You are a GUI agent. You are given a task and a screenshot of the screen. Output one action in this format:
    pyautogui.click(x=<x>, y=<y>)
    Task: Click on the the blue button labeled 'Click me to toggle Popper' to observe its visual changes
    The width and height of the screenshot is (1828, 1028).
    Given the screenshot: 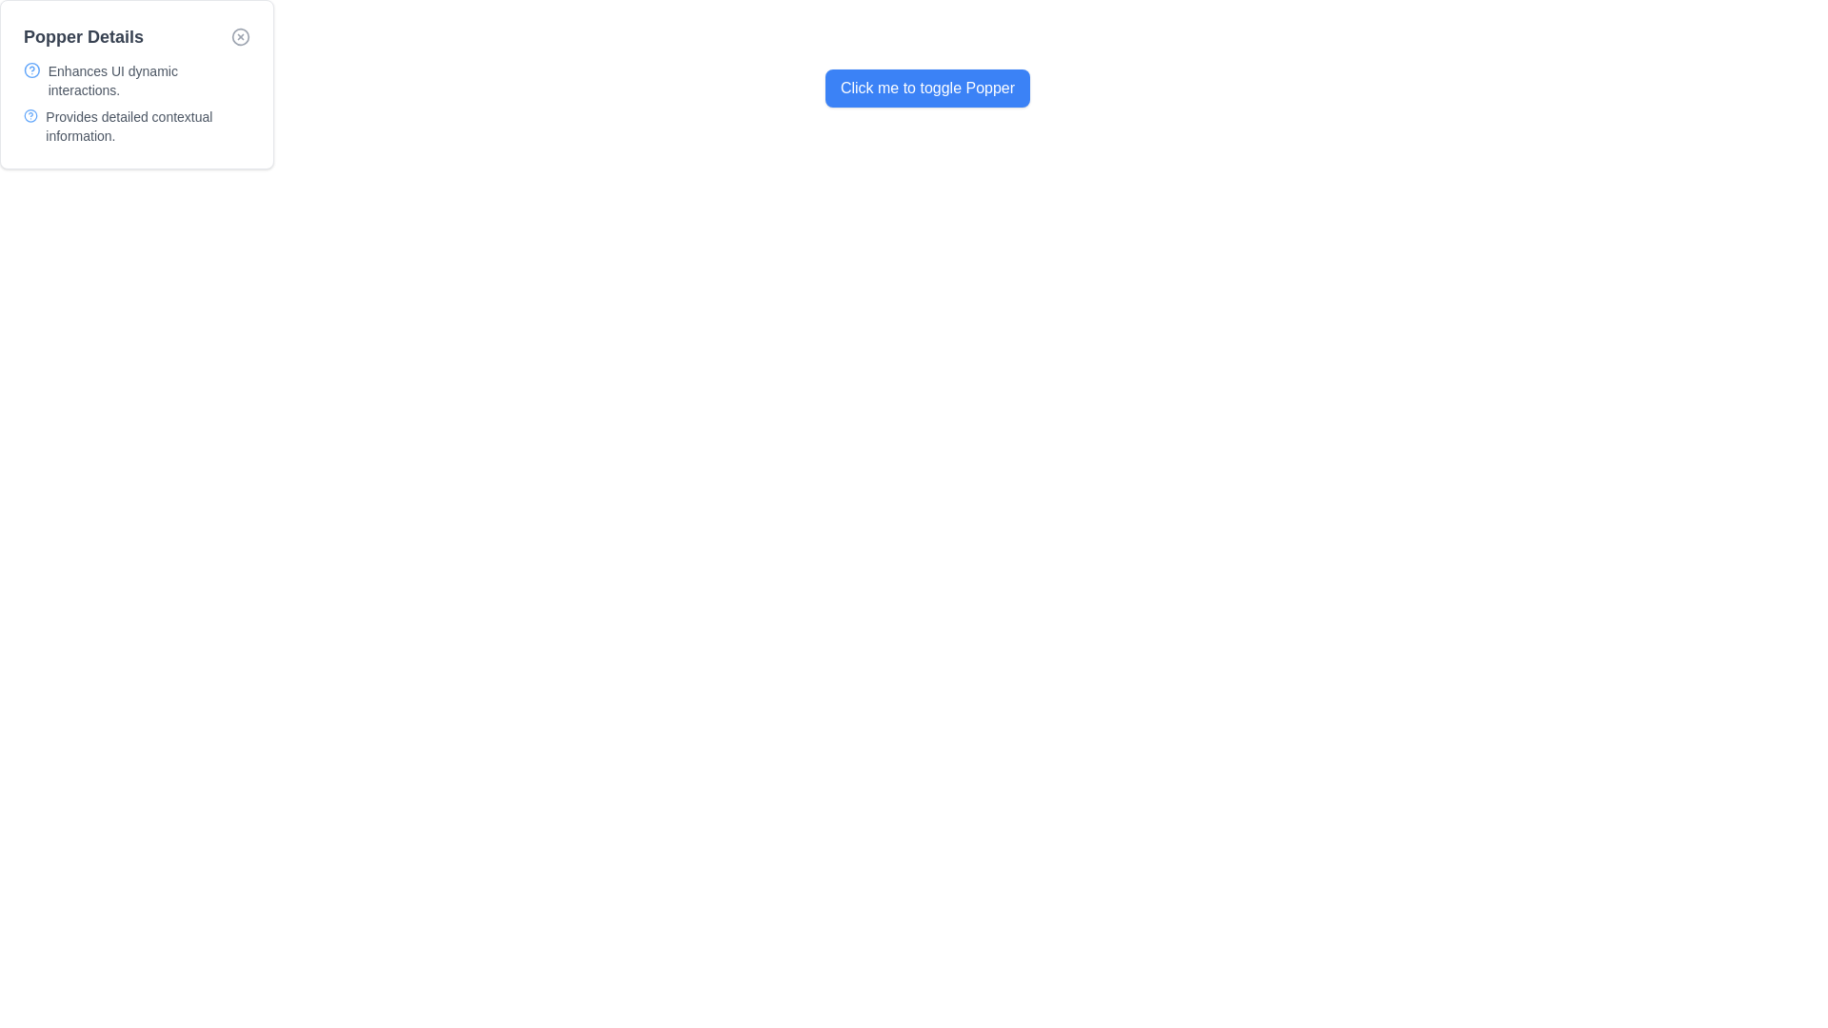 What is the action you would take?
    pyautogui.click(x=927, y=88)
    